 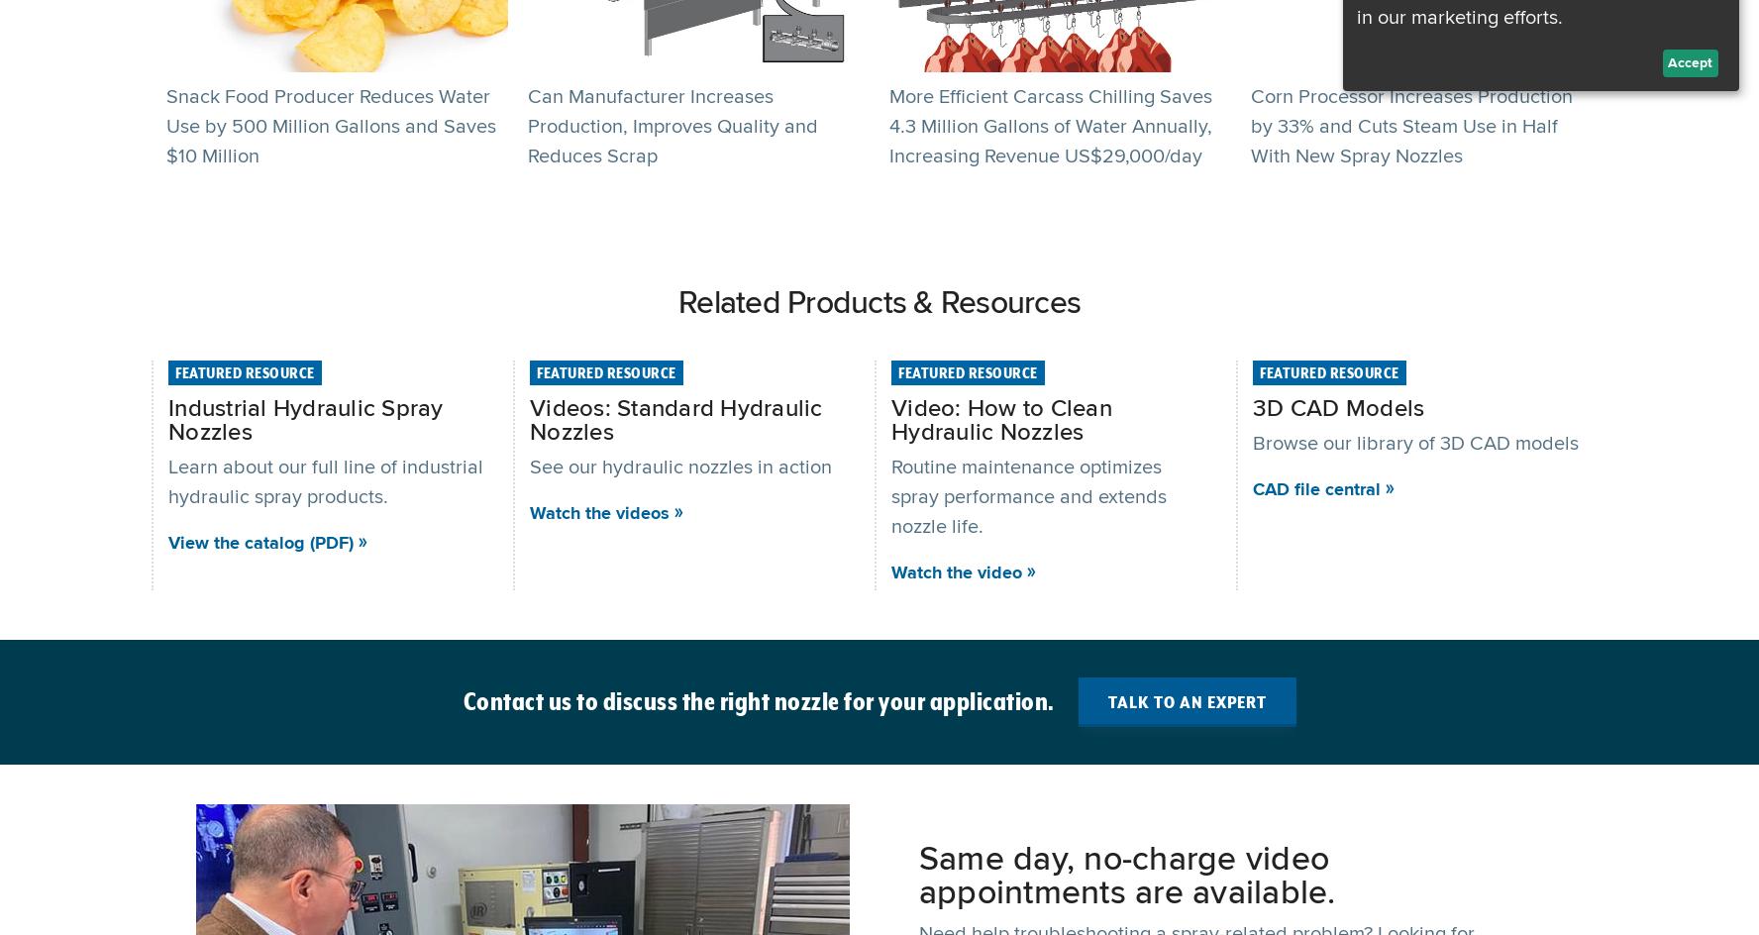 What do you see at coordinates (1027, 495) in the screenshot?
I see `'Routine maintenance optimizes spray performance and extends nozzle life.'` at bounding box center [1027, 495].